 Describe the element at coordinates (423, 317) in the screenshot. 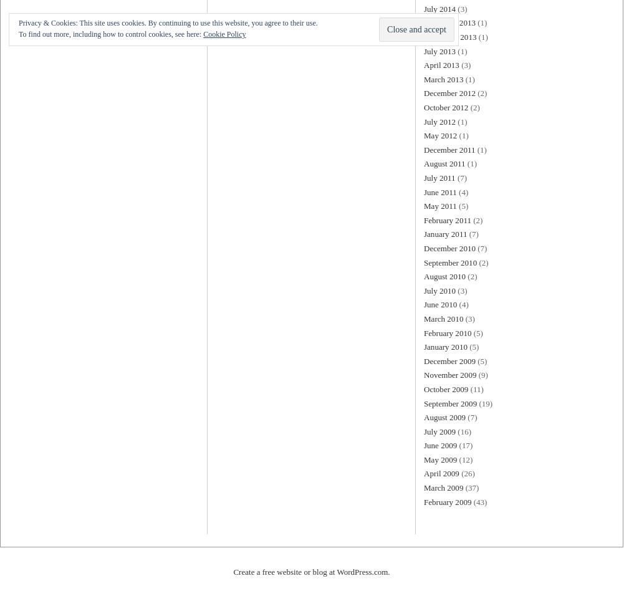

I see `'March 2010'` at that location.